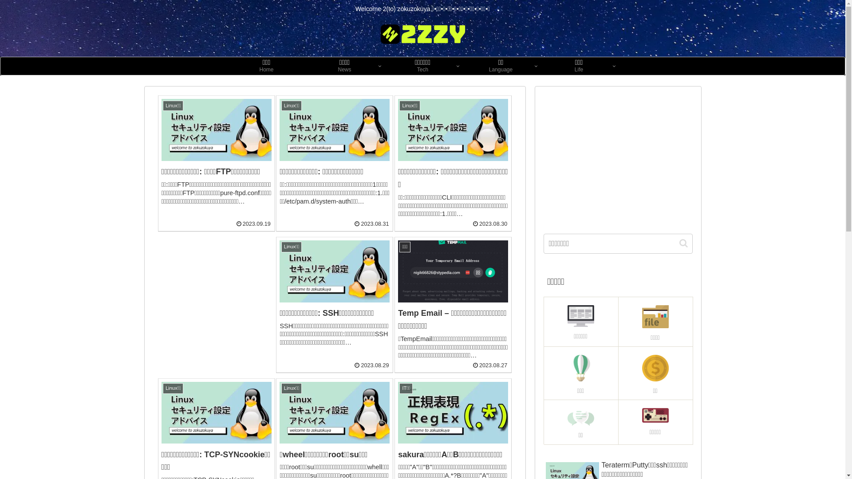  What do you see at coordinates (617, 157) in the screenshot?
I see `'Advertisement'` at bounding box center [617, 157].